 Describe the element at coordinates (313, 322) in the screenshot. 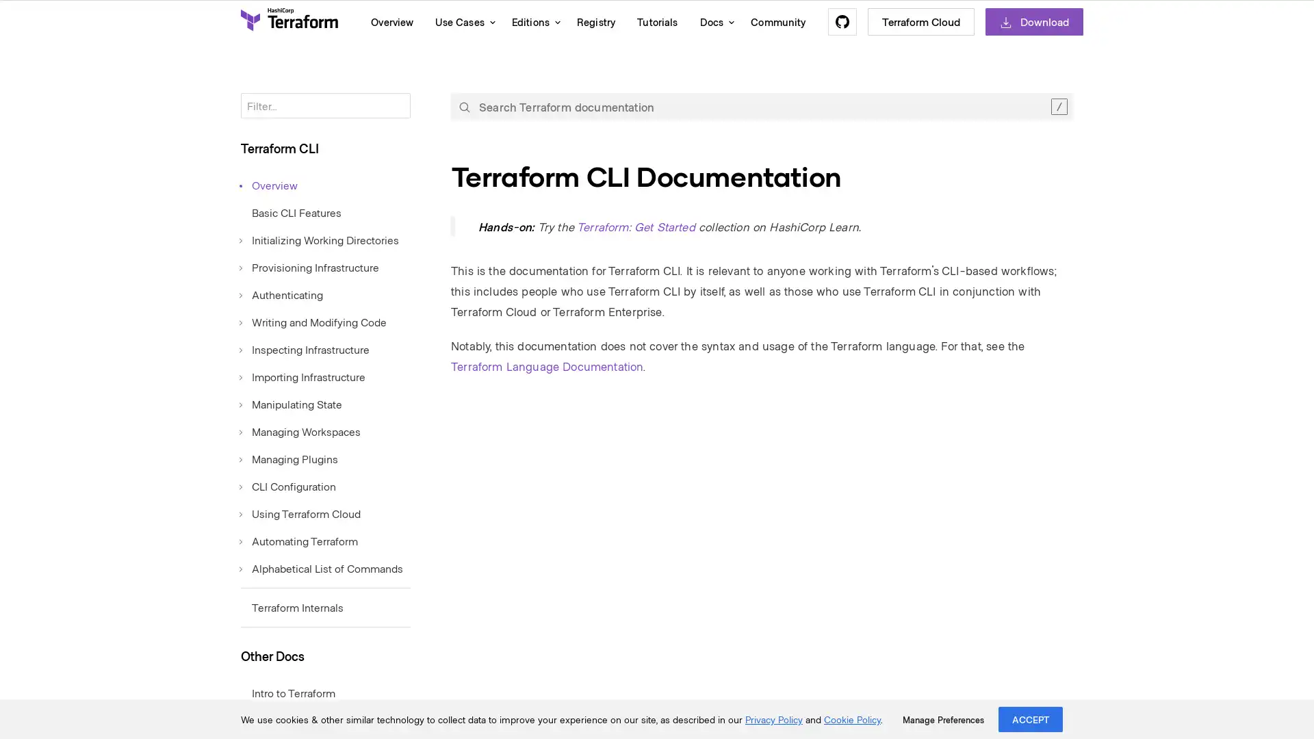

I see `Writing and Modifying Code` at that location.